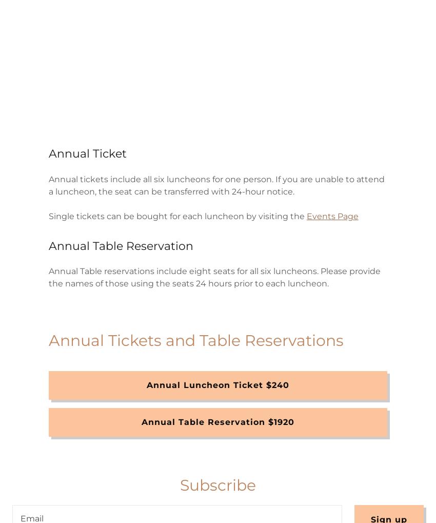 The image size is (436, 523). I want to click on 'Annual Tickets and Table Reservations', so click(195, 340).